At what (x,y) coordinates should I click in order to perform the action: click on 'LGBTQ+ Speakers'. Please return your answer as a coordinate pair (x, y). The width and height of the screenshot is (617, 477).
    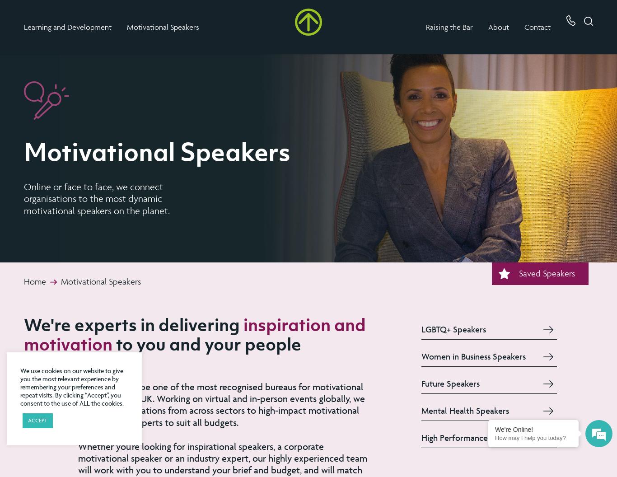
    Looking at the image, I should click on (453, 328).